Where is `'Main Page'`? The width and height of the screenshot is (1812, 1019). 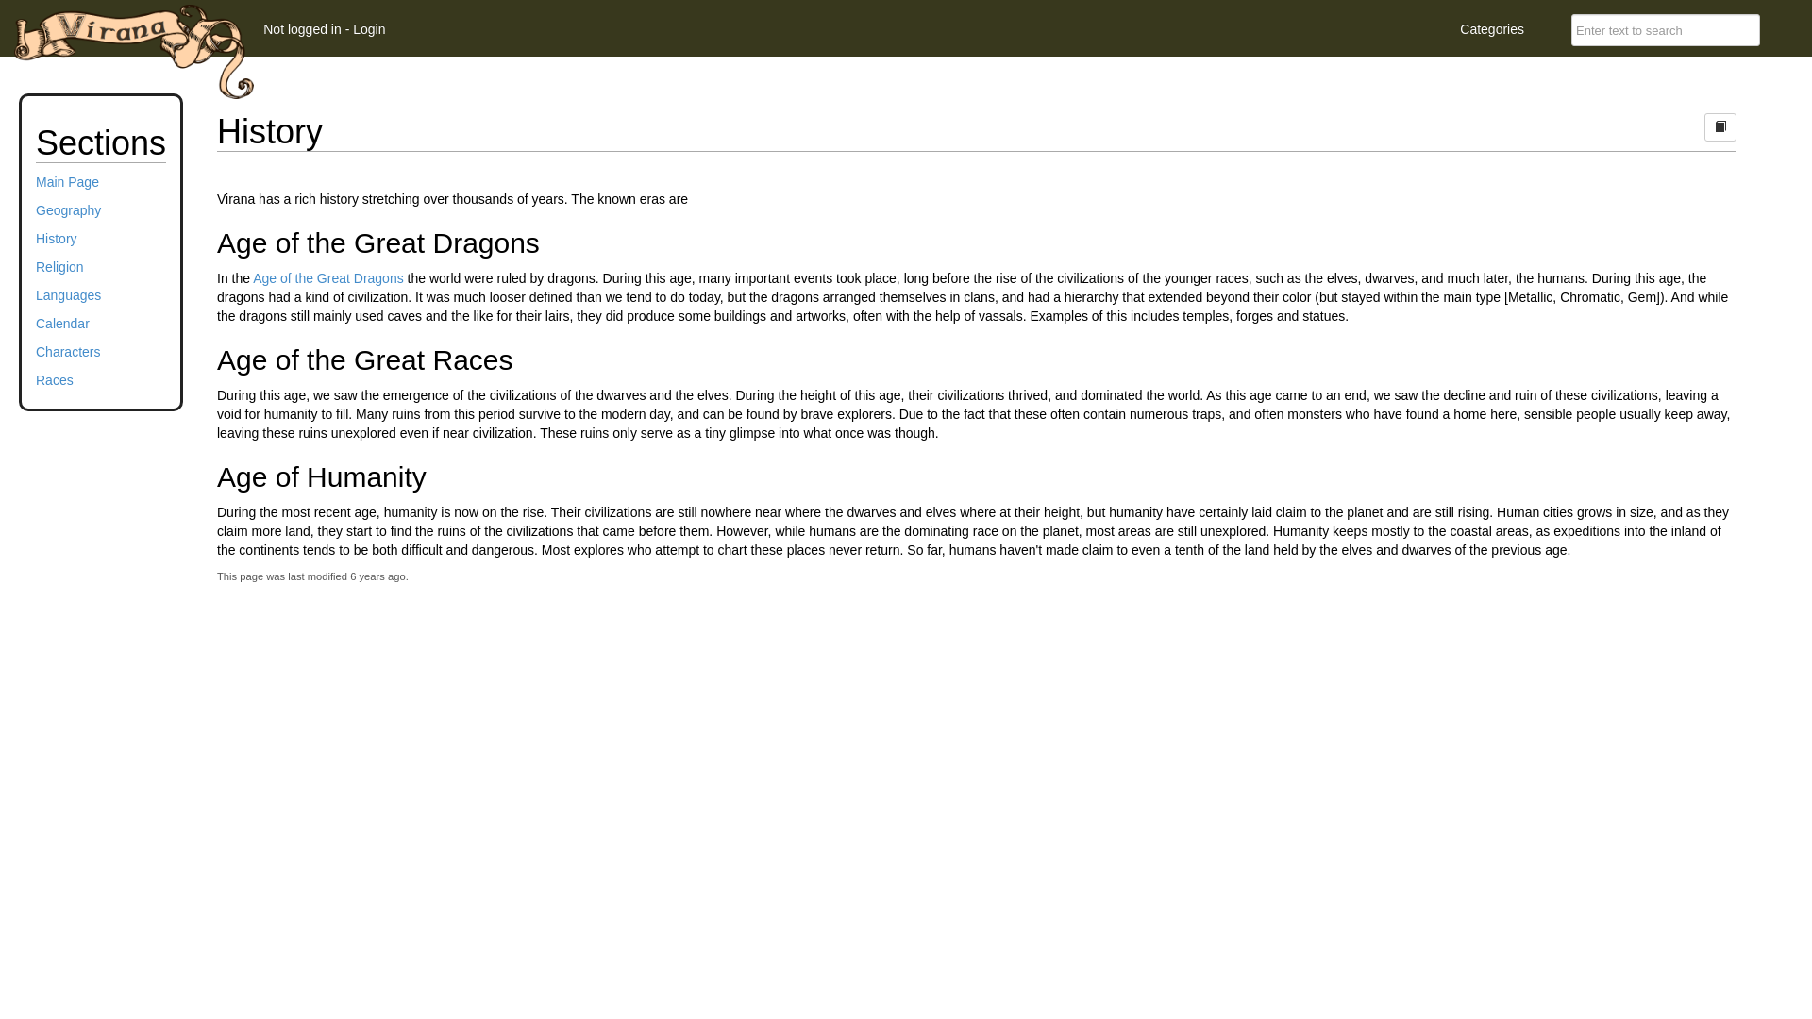
'Main Page' is located at coordinates (67, 181).